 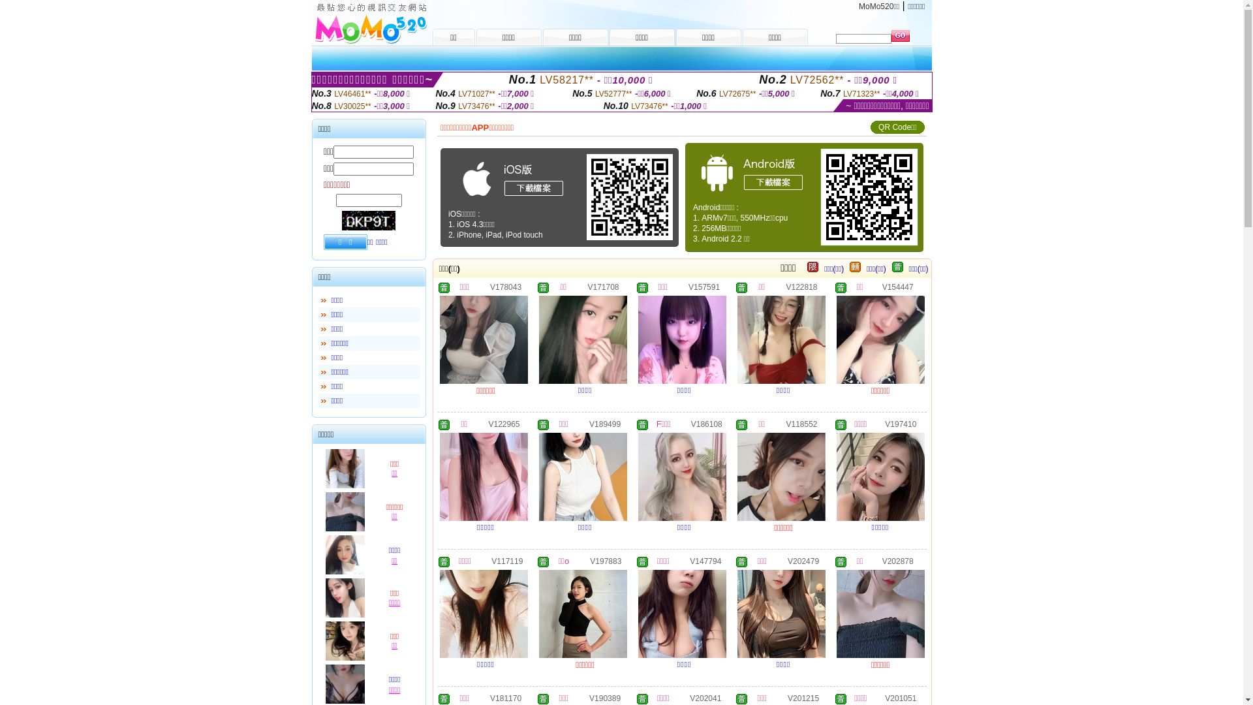 I want to click on 'V190389', so click(x=604, y=697).